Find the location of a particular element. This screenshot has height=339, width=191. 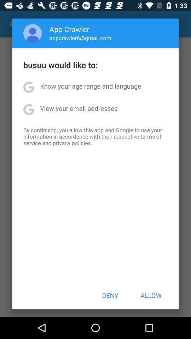

view your email is located at coordinates (78, 108).